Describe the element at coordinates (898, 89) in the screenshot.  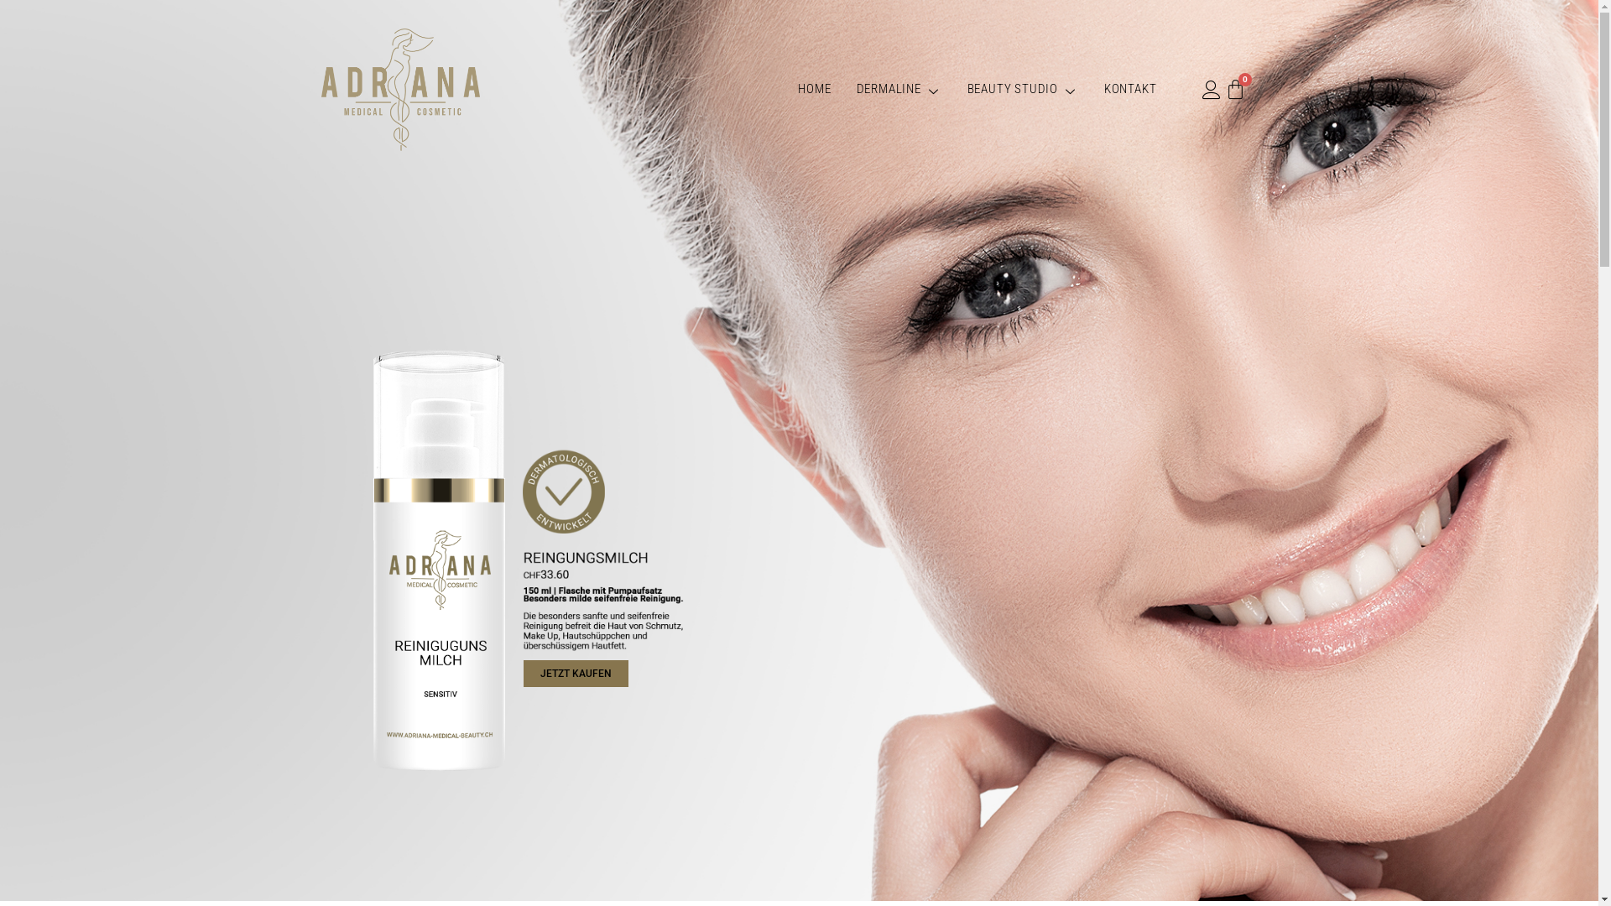
I see `'DERMALINE'` at that location.